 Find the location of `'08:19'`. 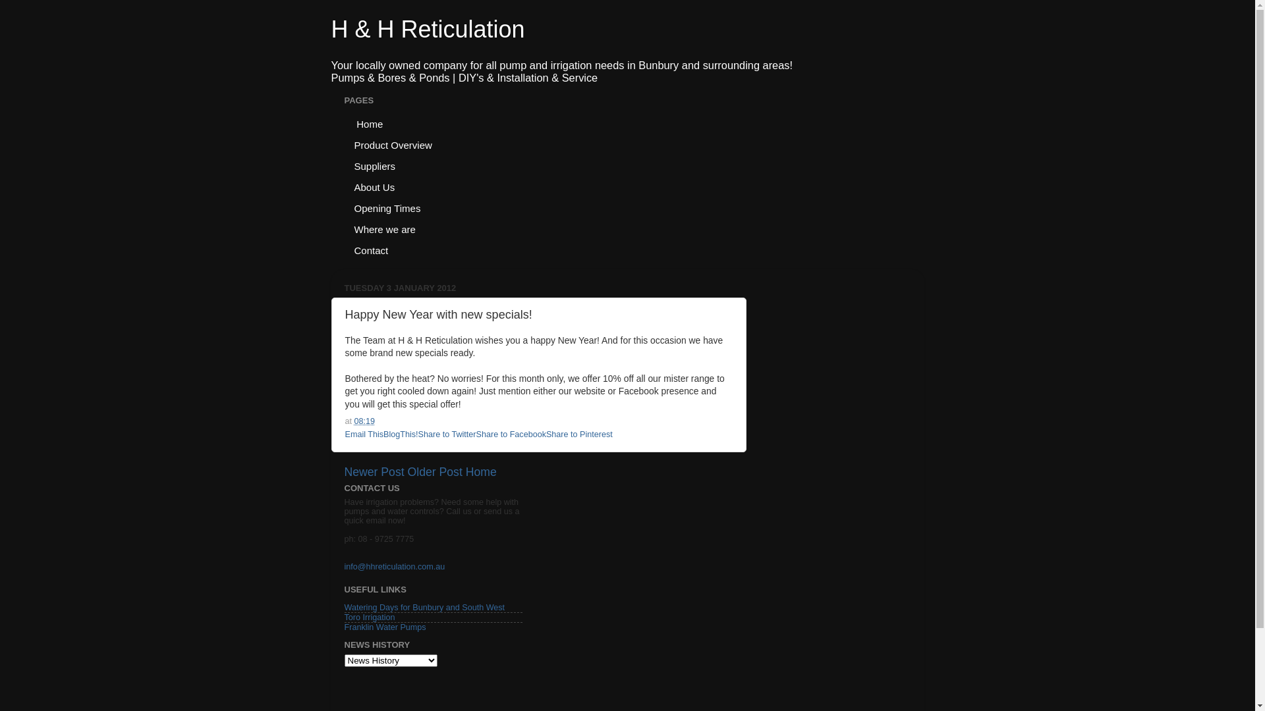

'08:19' is located at coordinates (364, 421).